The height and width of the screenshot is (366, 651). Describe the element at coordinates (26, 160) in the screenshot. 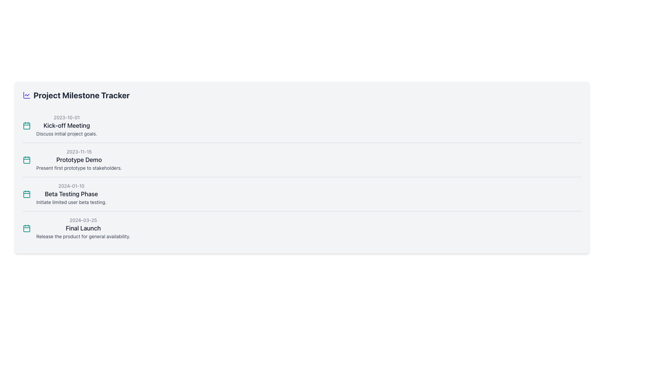

I see `the teal green calendar icon, which is a square with rounded corners and is located to the left of the 'Prototype Demo' milestone row, preceding the date '2023-11-15'` at that location.